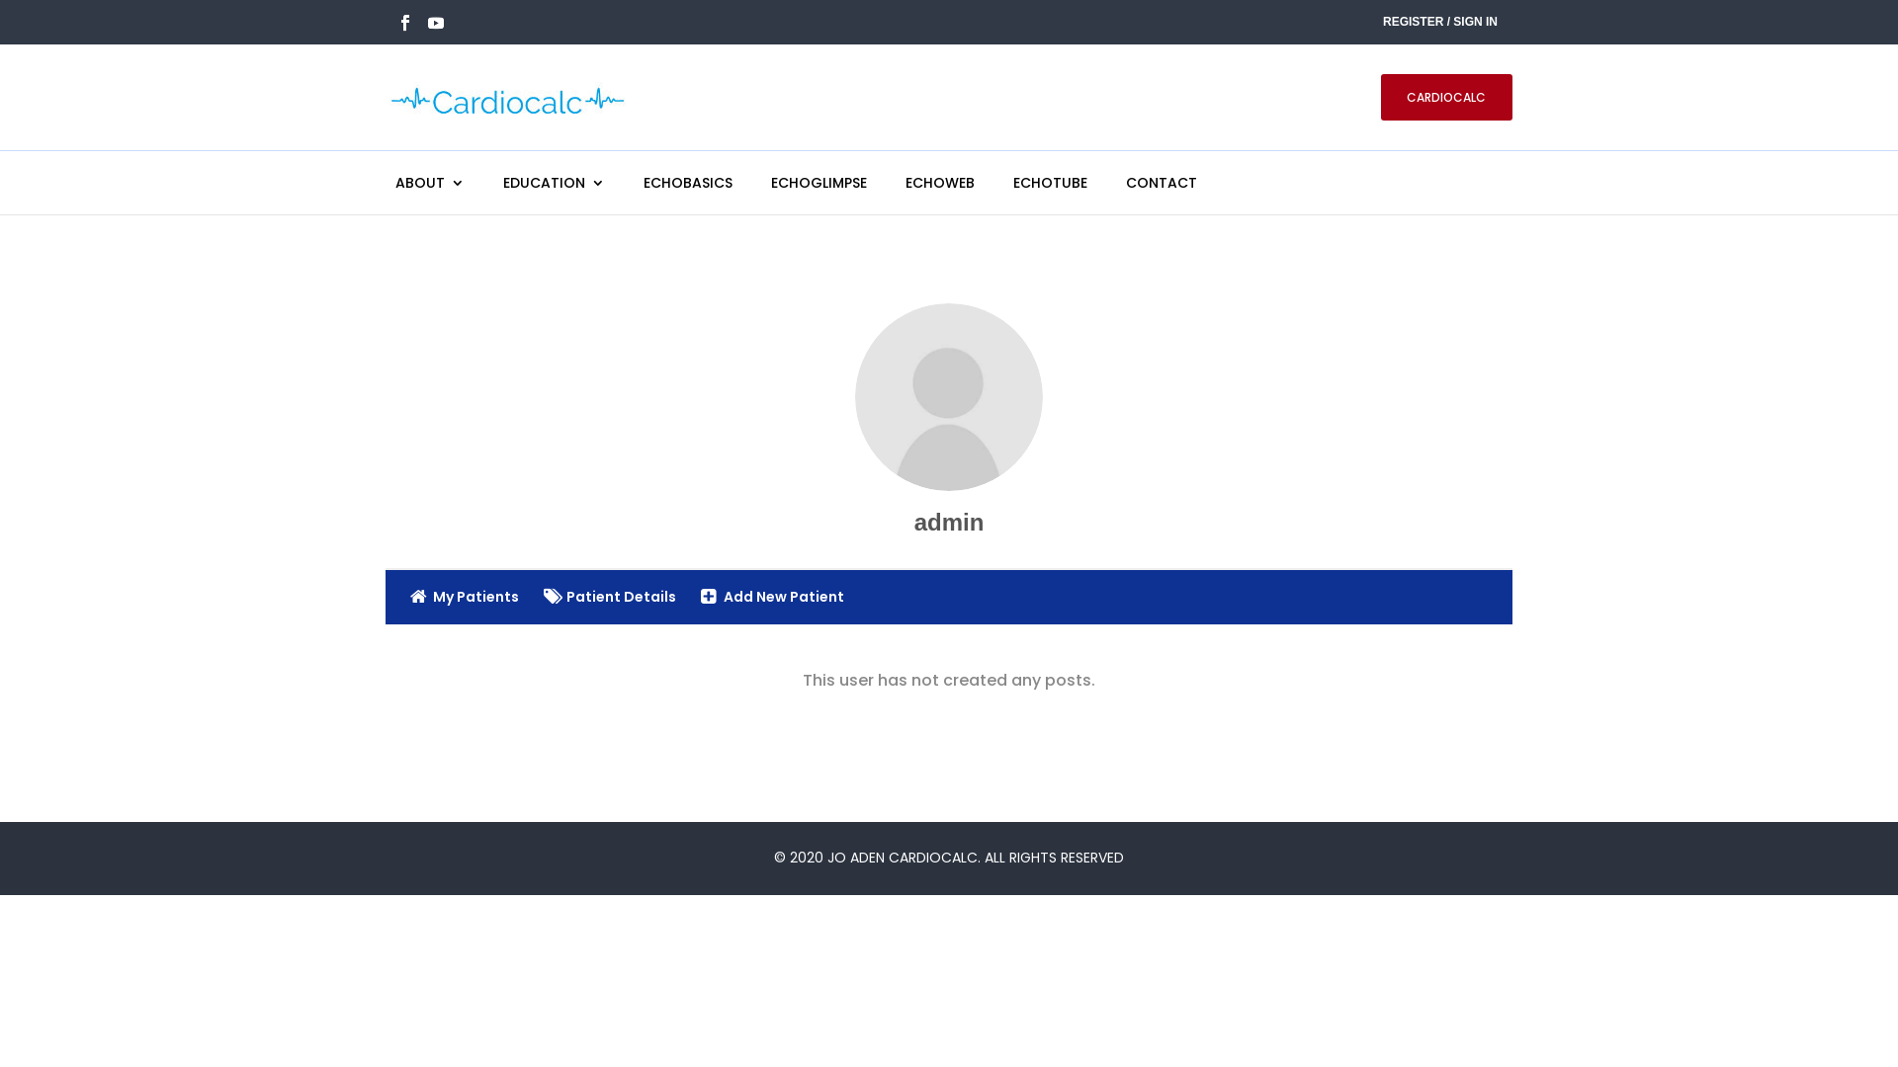 Image resolution: width=1898 pixels, height=1067 pixels. I want to click on 'Add New Patient', so click(771, 597).